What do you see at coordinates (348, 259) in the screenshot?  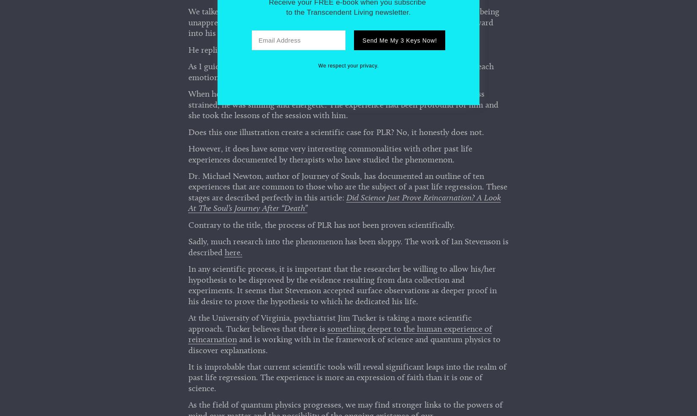 I see `'Store'` at bounding box center [348, 259].